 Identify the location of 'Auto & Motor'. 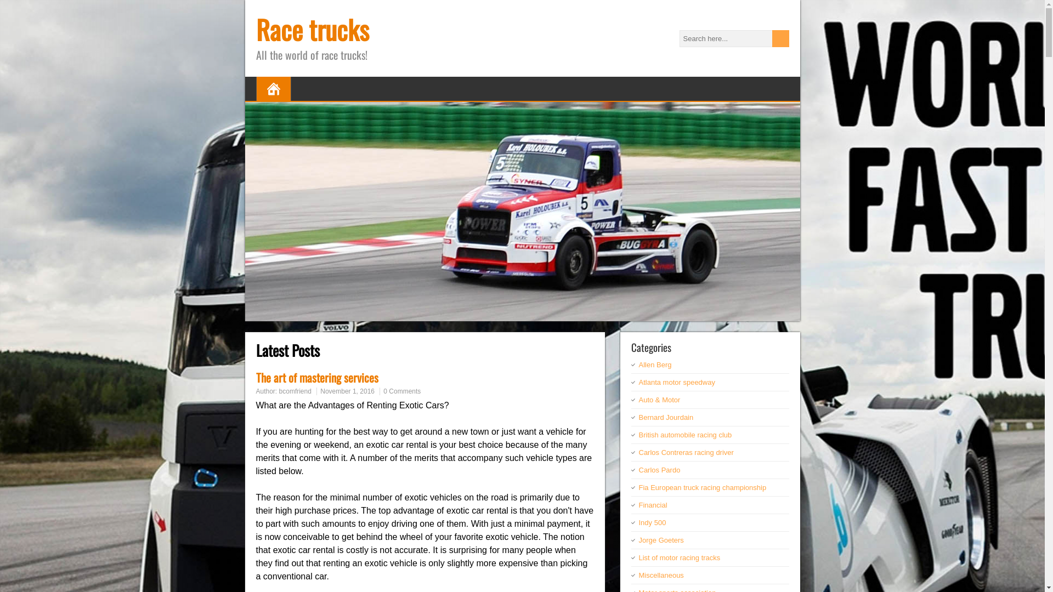
(658, 400).